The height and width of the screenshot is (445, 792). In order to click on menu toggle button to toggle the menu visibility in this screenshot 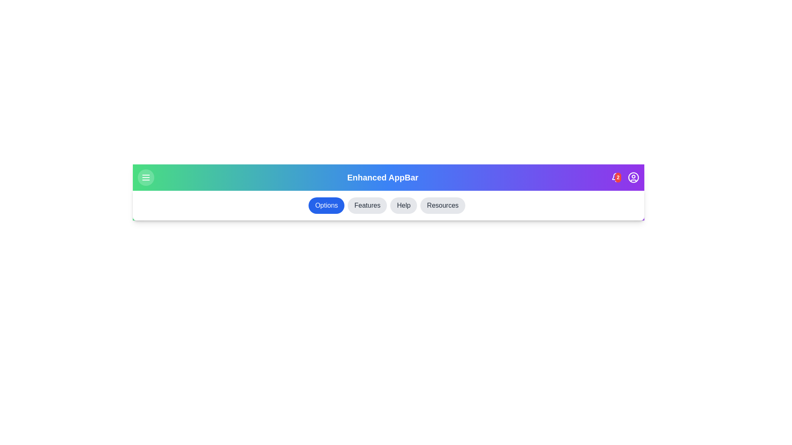, I will do `click(146, 177)`.